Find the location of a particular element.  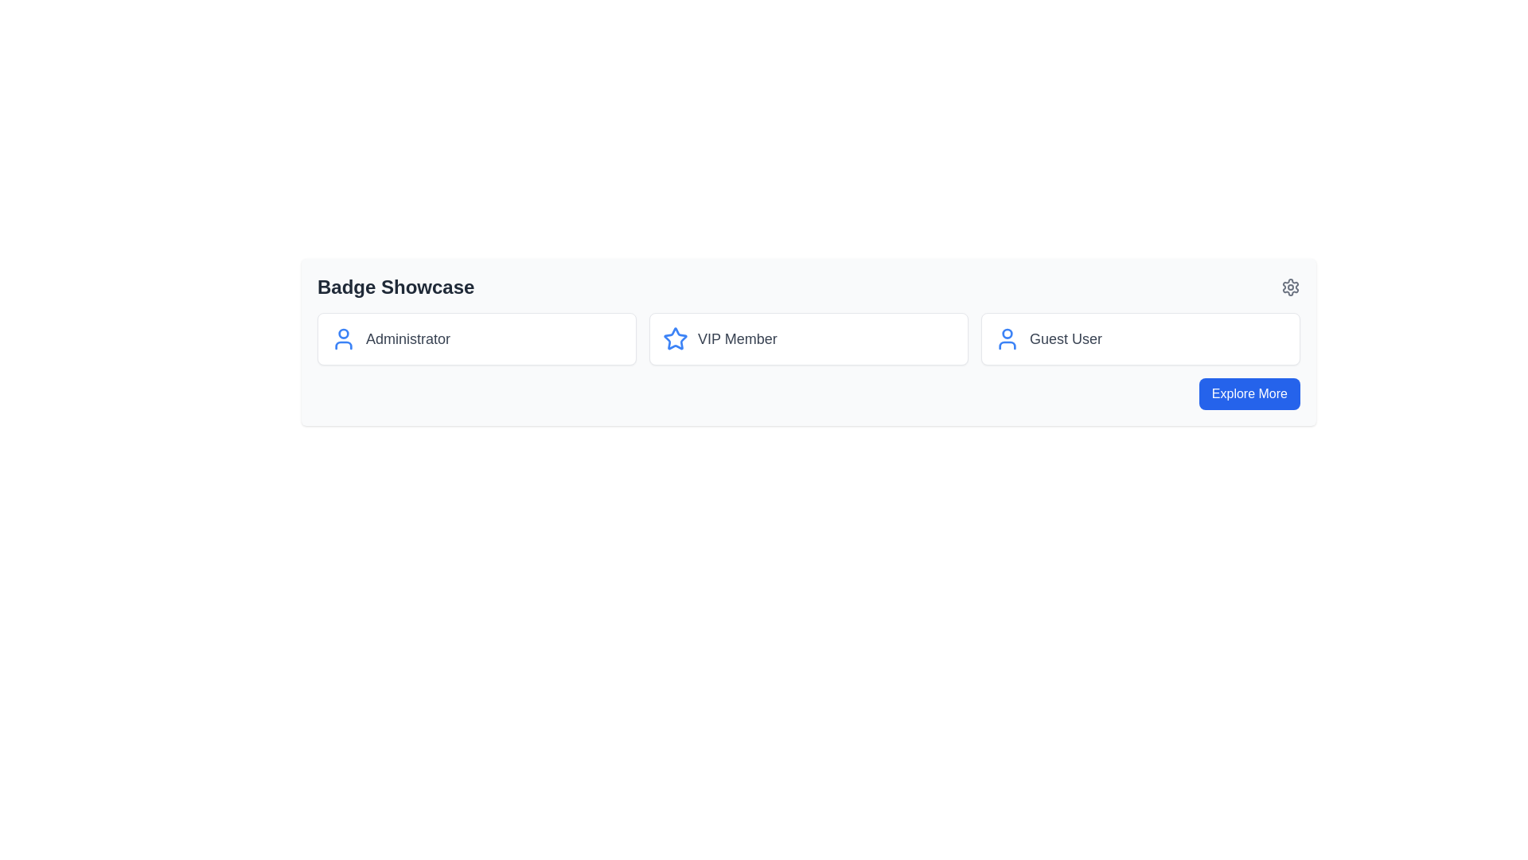

the blue outline of the user icon representing the 'Administrator' badge, located within the first badge component under the 'Badge Showcase' heading is located at coordinates (343, 338).